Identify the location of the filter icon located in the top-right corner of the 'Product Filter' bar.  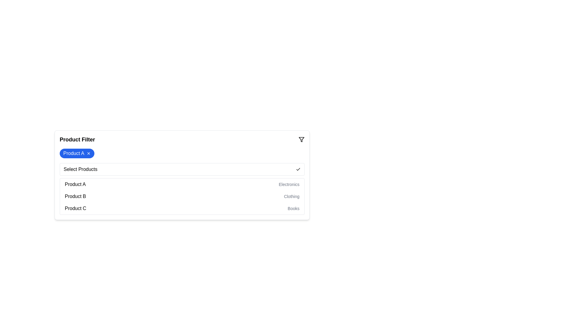
(301, 139).